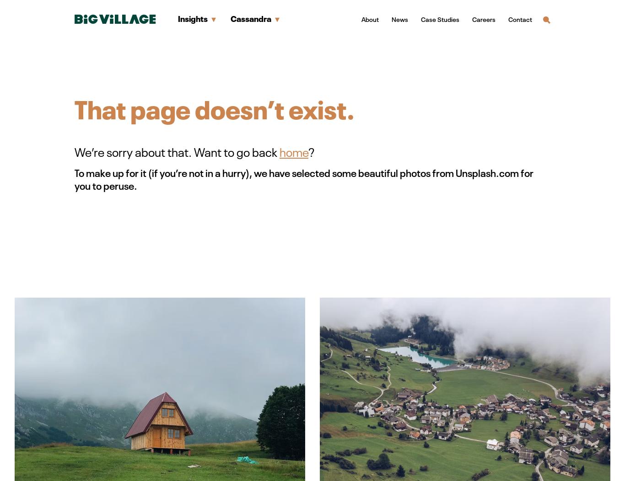 The height and width of the screenshot is (481, 625). I want to click on 'Cassandra', so click(251, 18).